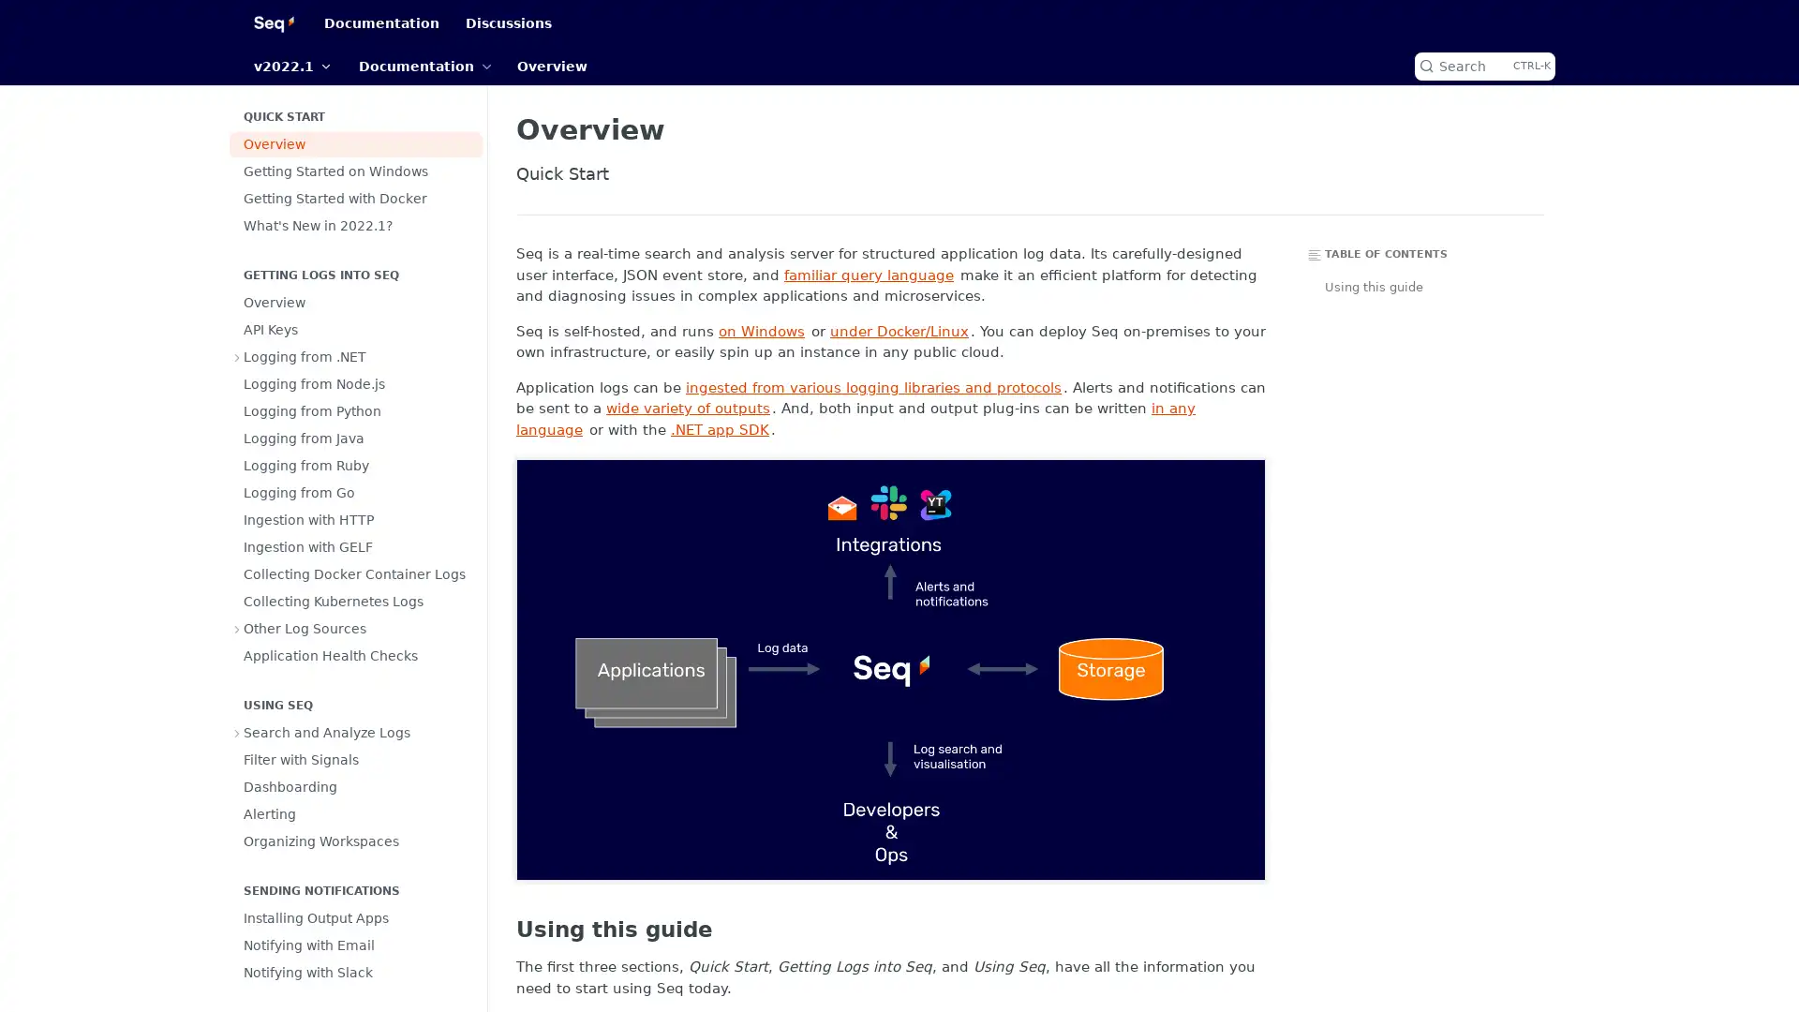 The width and height of the screenshot is (1799, 1012). What do you see at coordinates (237, 357) in the screenshot?
I see `Show subpages for Logging from .NET` at bounding box center [237, 357].